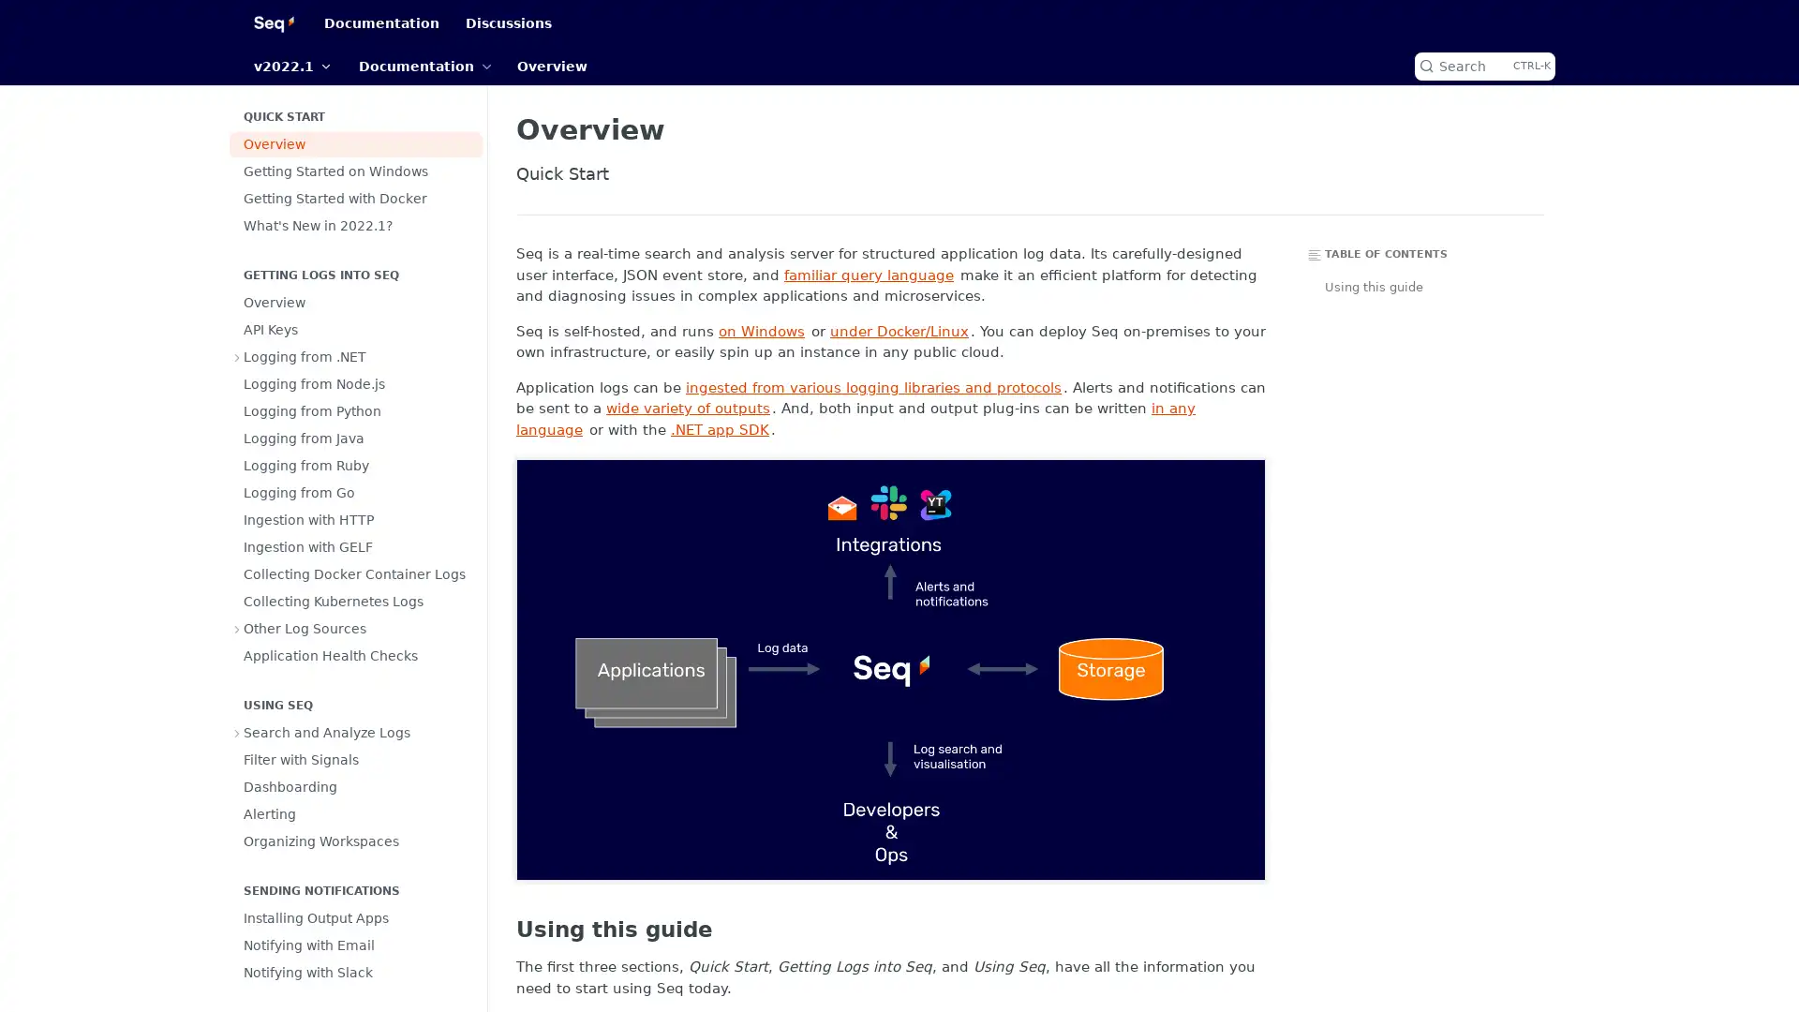 The width and height of the screenshot is (1799, 1012). What do you see at coordinates (237, 357) in the screenshot?
I see `Show subpages for Logging from .NET` at bounding box center [237, 357].